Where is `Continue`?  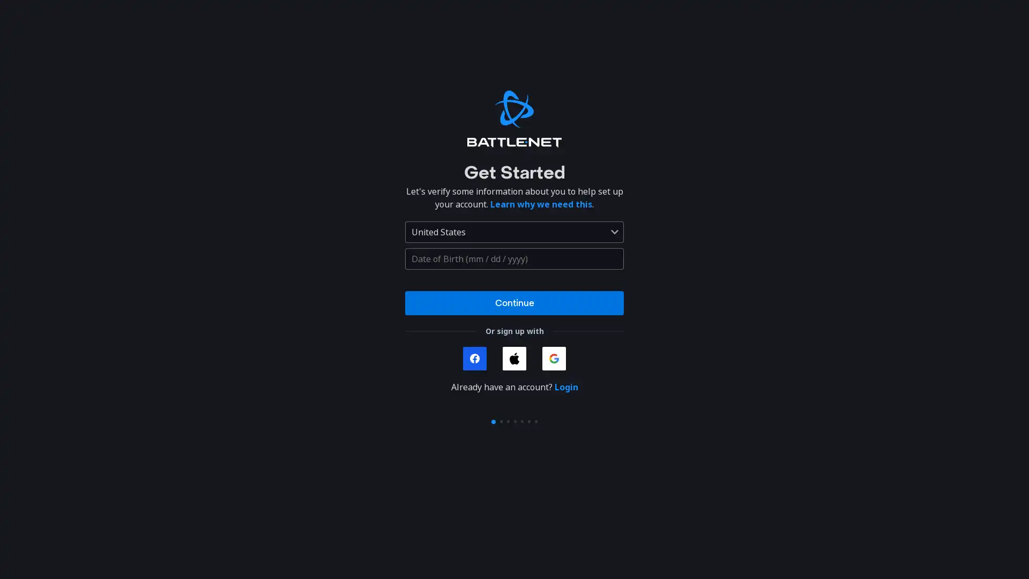
Continue is located at coordinates (514, 303).